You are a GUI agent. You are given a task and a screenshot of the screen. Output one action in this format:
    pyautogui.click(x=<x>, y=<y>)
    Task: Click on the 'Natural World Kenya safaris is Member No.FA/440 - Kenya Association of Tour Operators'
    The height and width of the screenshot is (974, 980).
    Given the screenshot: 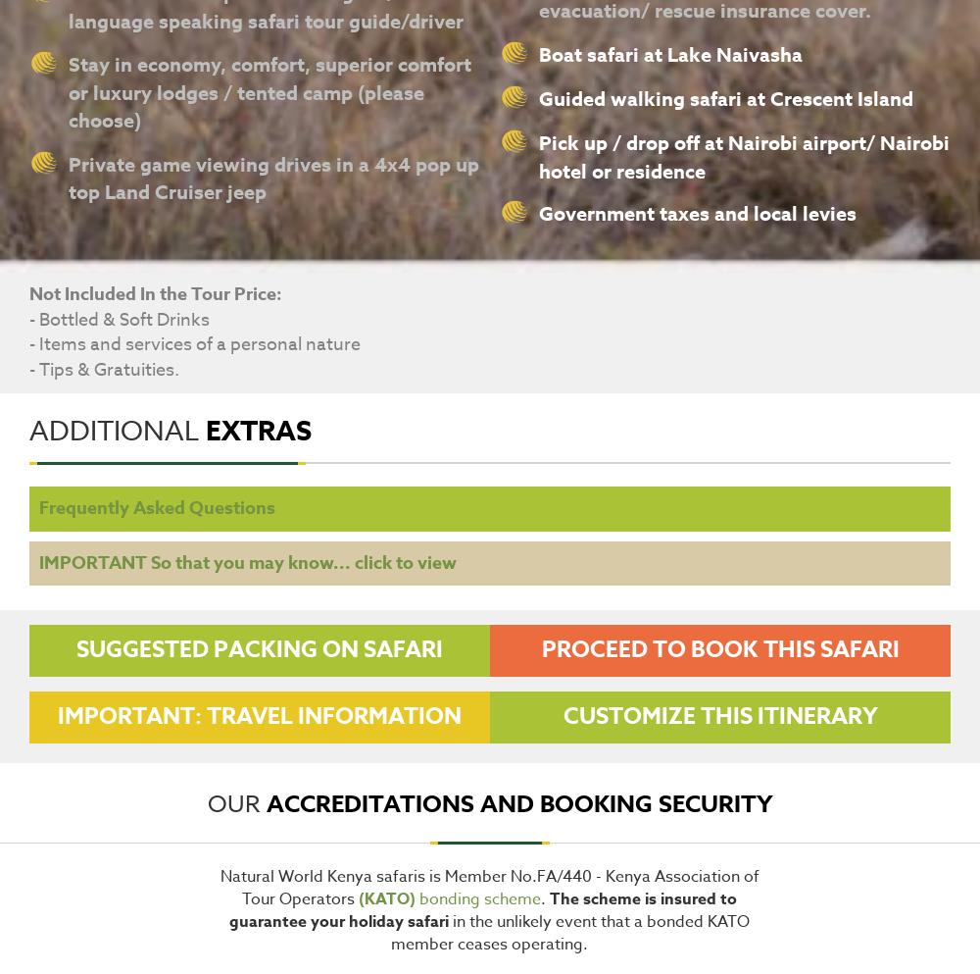 What is the action you would take?
    pyautogui.click(x=488, y=888)
    